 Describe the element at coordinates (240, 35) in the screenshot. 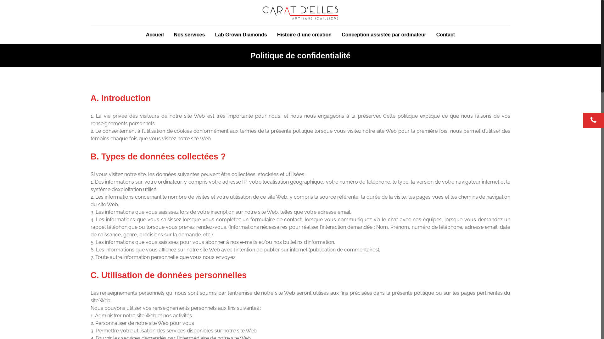

I see `'Lab Grown Diamonds'` at that location.